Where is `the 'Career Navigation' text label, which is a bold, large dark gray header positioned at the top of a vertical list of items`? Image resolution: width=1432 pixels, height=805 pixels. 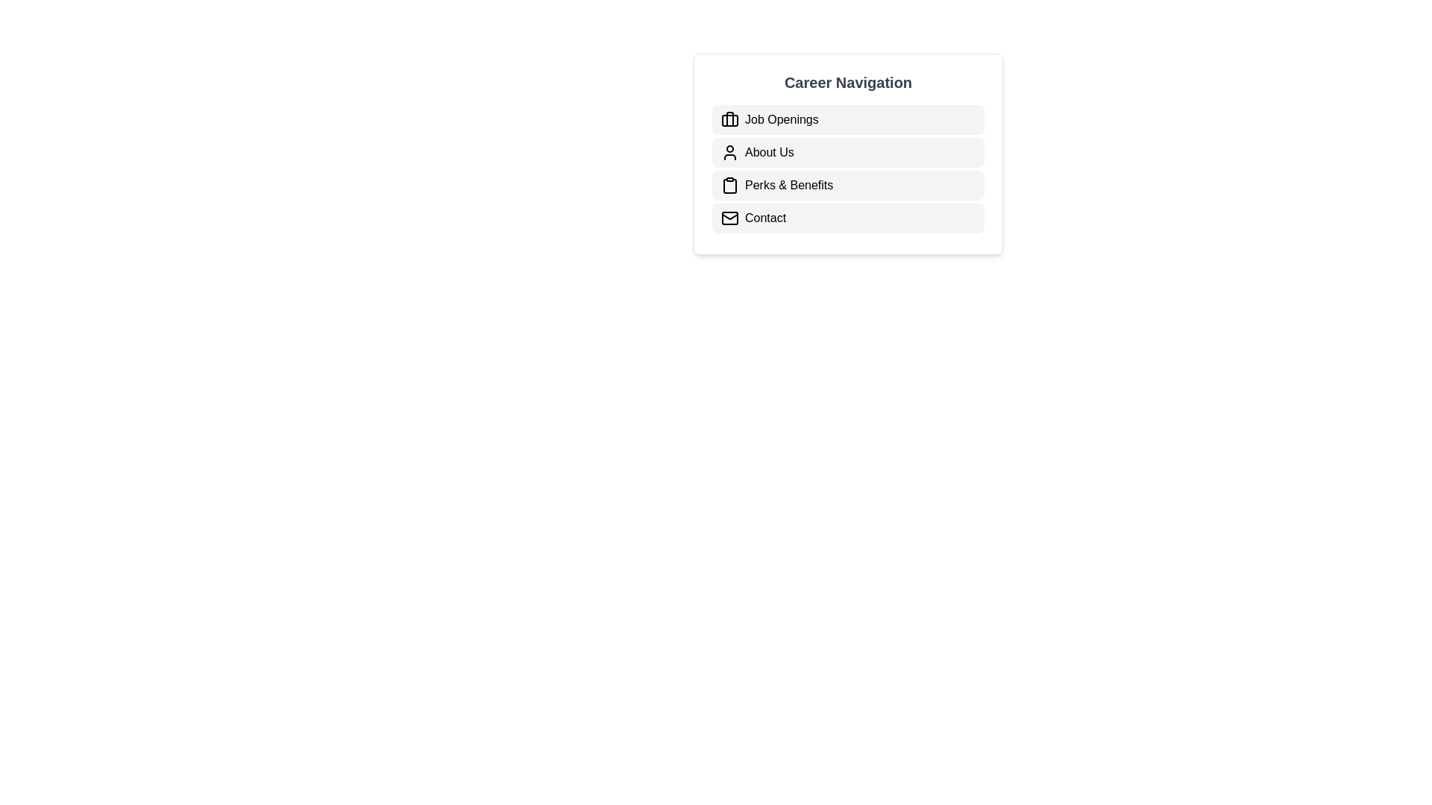 the 'Career Navigation' text label, which is a bold, large dark gray header positioned at the top of a vertical list of items is located at coordinates (848, 83).